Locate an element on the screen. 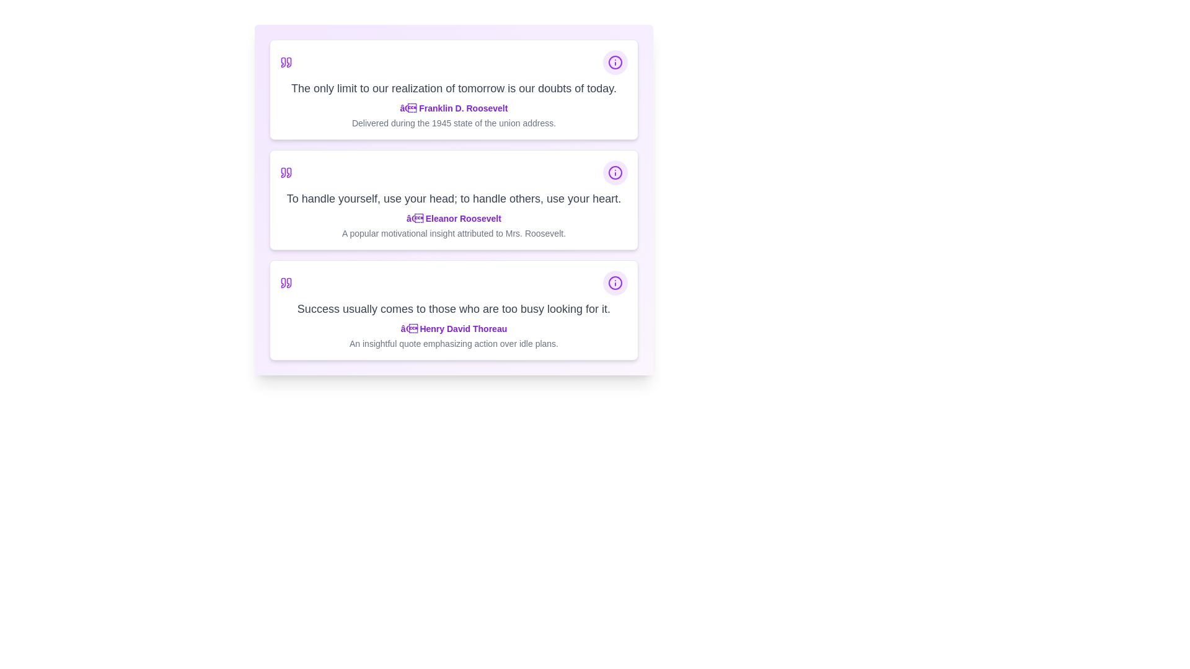  the button located at the right side of the second card to potentially display a tooltip is located at coordinates (615, 172).